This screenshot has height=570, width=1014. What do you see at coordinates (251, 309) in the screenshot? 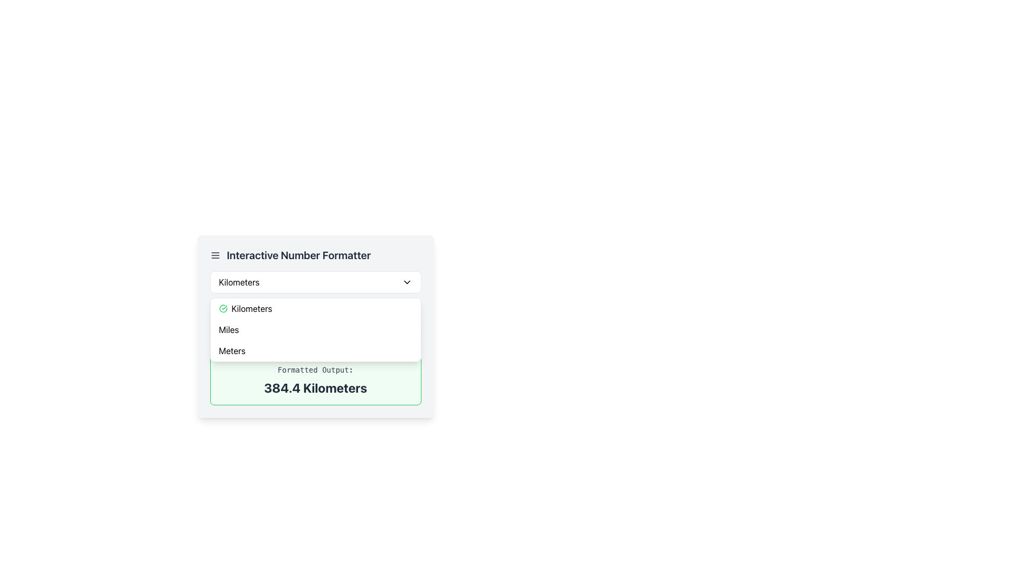
I see `the dropdown menu item labeled 'Kilometers' which is indicated by a green checkmark icon` at bounding box center [251, 309].